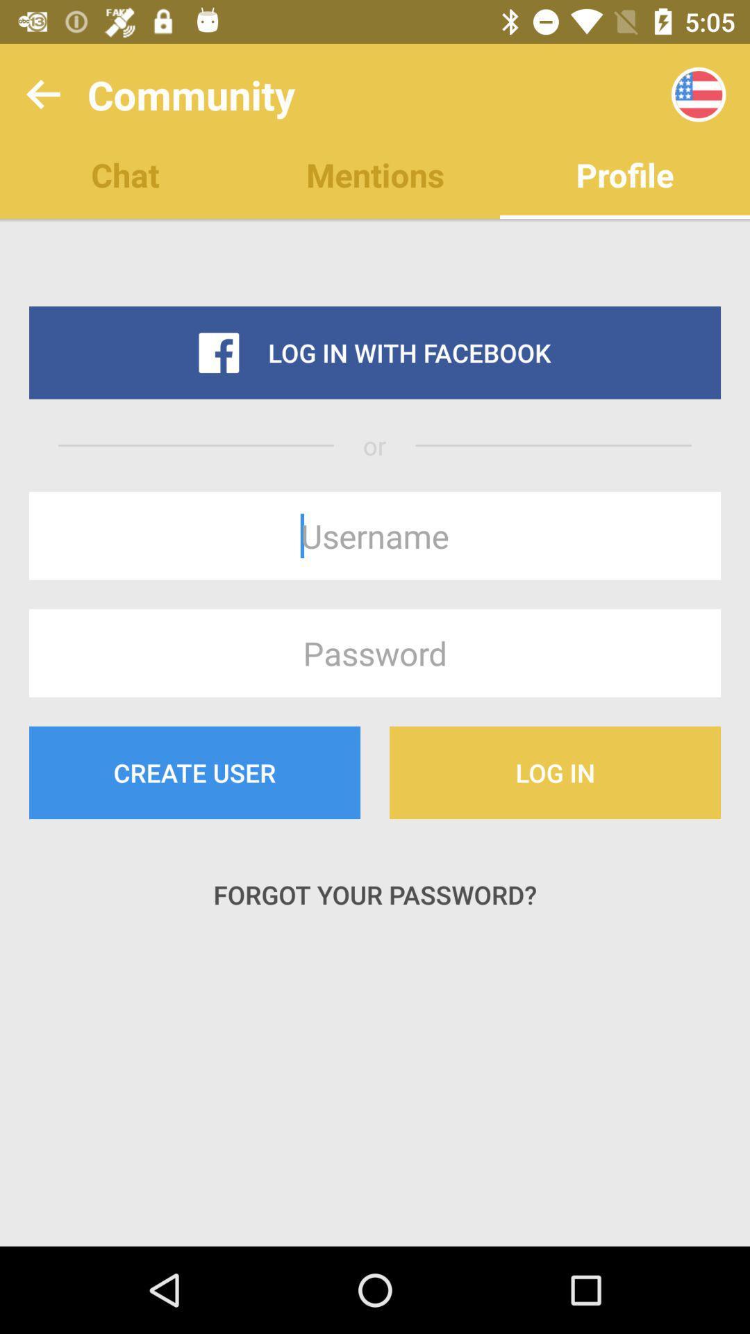 The width and height of the screenshot is (750, 1334). Describe the element at coordinates (375, 652) in the screenshot. I see `the icon above create user item` at that location.